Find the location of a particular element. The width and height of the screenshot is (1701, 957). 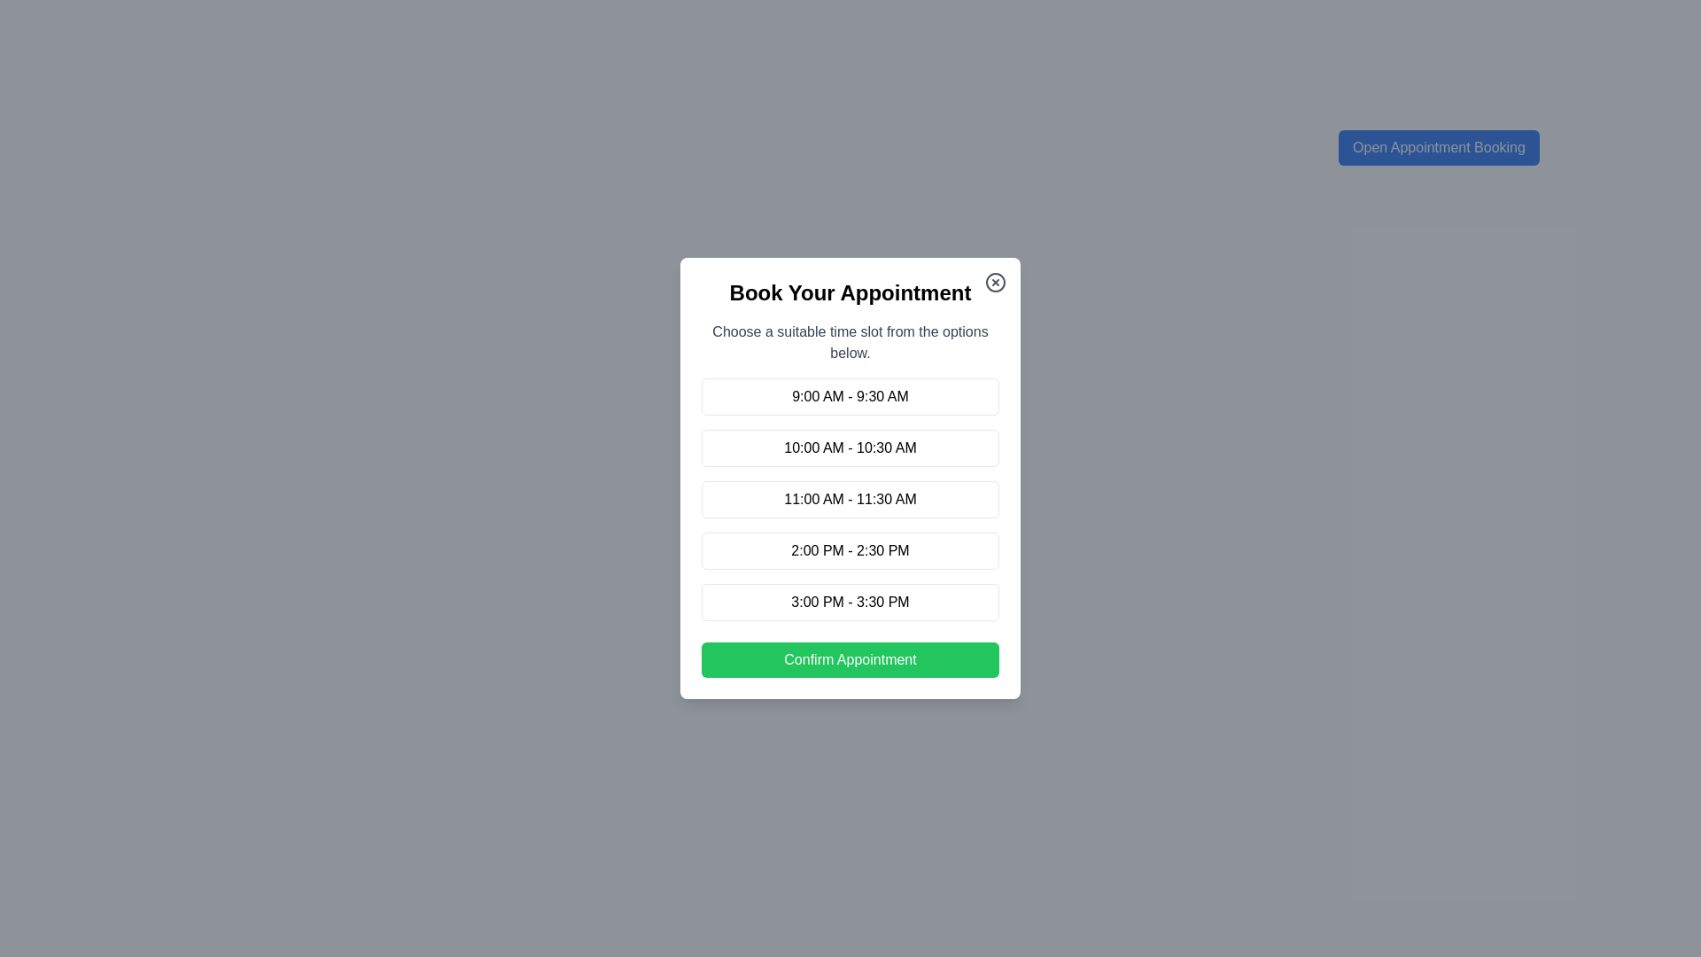

the fourth selectable time slot button labeled '2:00 PM - 2:30 PM' is located at coordinates (850, 549).